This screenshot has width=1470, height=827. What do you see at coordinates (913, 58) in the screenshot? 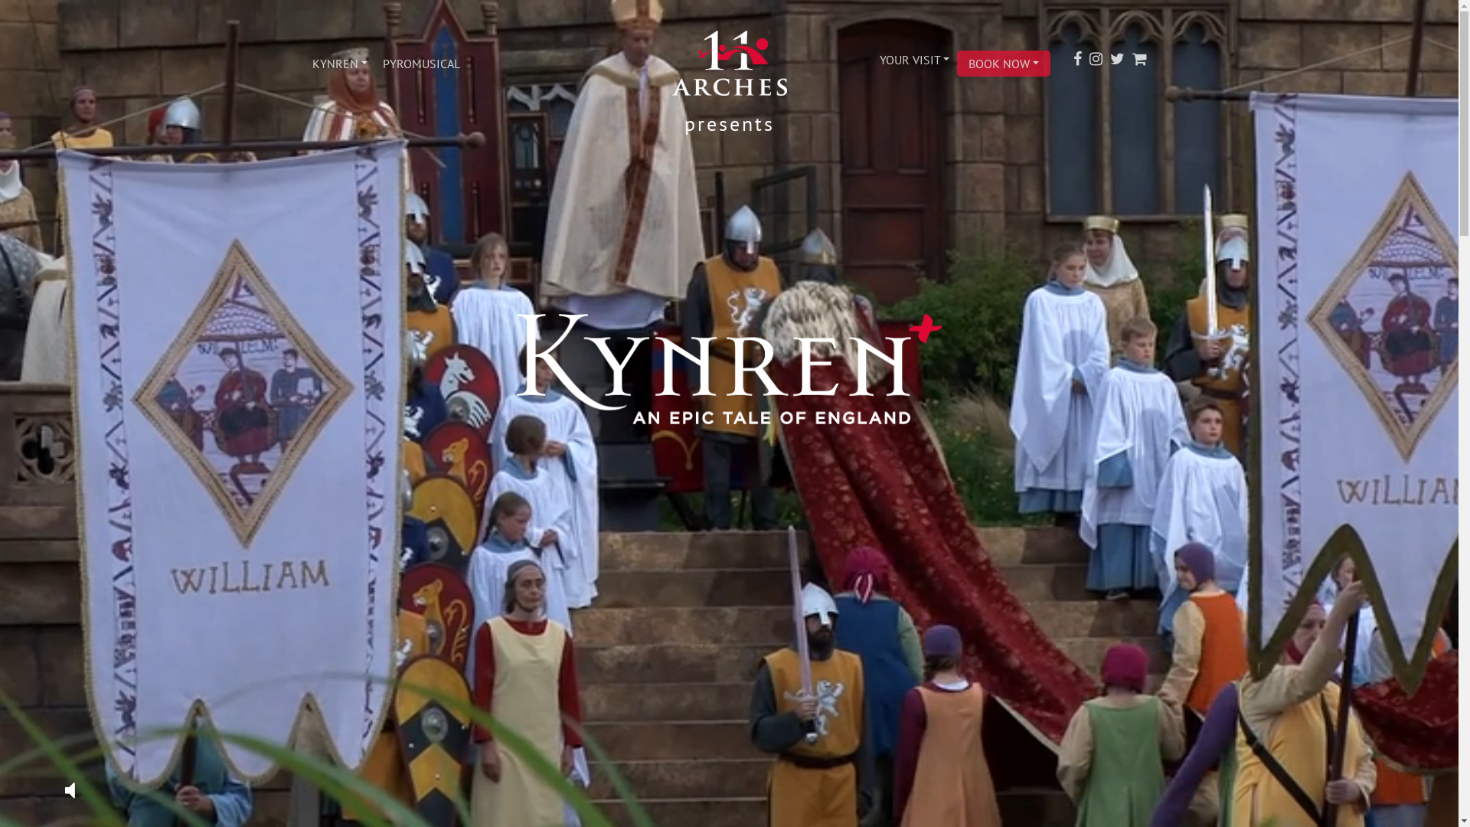
I see `'YOUR VISIT'` at bounding box center [913, 58].